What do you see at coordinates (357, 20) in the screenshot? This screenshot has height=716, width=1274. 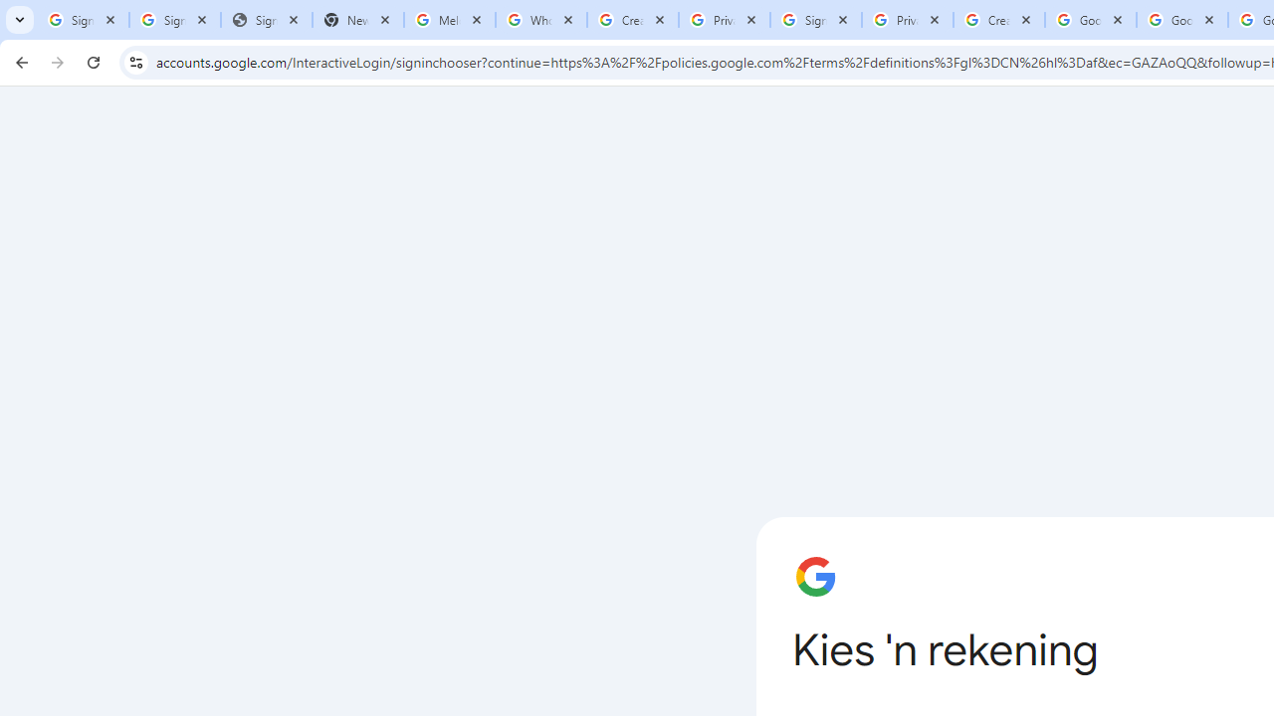 I see `'New Tab'` at bounding box center [357, 20].